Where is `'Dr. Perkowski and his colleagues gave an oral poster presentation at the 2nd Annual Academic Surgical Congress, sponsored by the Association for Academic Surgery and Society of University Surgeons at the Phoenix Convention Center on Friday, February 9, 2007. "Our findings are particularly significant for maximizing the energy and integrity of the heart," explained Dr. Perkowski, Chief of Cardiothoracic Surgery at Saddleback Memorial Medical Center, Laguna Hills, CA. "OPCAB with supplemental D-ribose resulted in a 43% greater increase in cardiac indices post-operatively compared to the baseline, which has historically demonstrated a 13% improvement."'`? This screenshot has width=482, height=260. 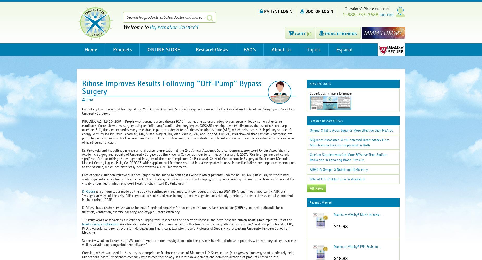 'Dr. Perkowski and his colleagues gave an oral poster presentation at the 2nd Annual Academic Surgical Congress, sponsored by the Association for Academic Surgery and Society of University Surgeons at the Phoenix Convention Center on Friday, February 9, 2007. "Our findings are particularly significant for maximizing the energy and integrity of the heart," explained Dr. Perkowski, Chief of Cardiothoracic Surgery at Saddleback Memorial Medical Center, Laguna Hills, CA. "OPCAB with supplemental D-ribose resulted in a 43% greater increase in cardiac indices post-operatively compared to the baseline, which has historically demonstrated a 13% improvement."' is located at coordinates (189, 158).